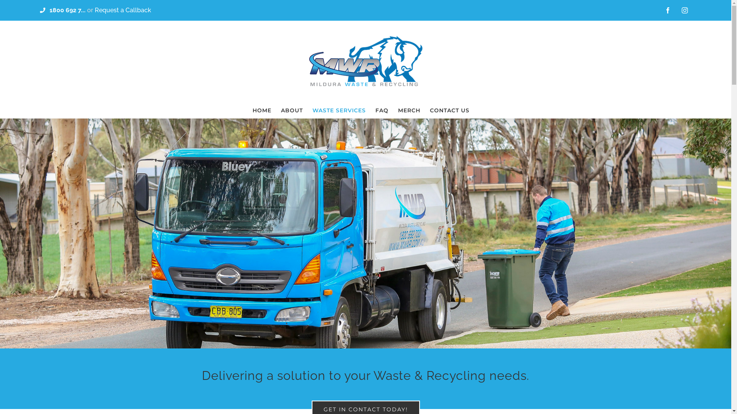  Describe the element at coordinates (382, 110) in the screenshot. I see `'FAQ'` at that location.